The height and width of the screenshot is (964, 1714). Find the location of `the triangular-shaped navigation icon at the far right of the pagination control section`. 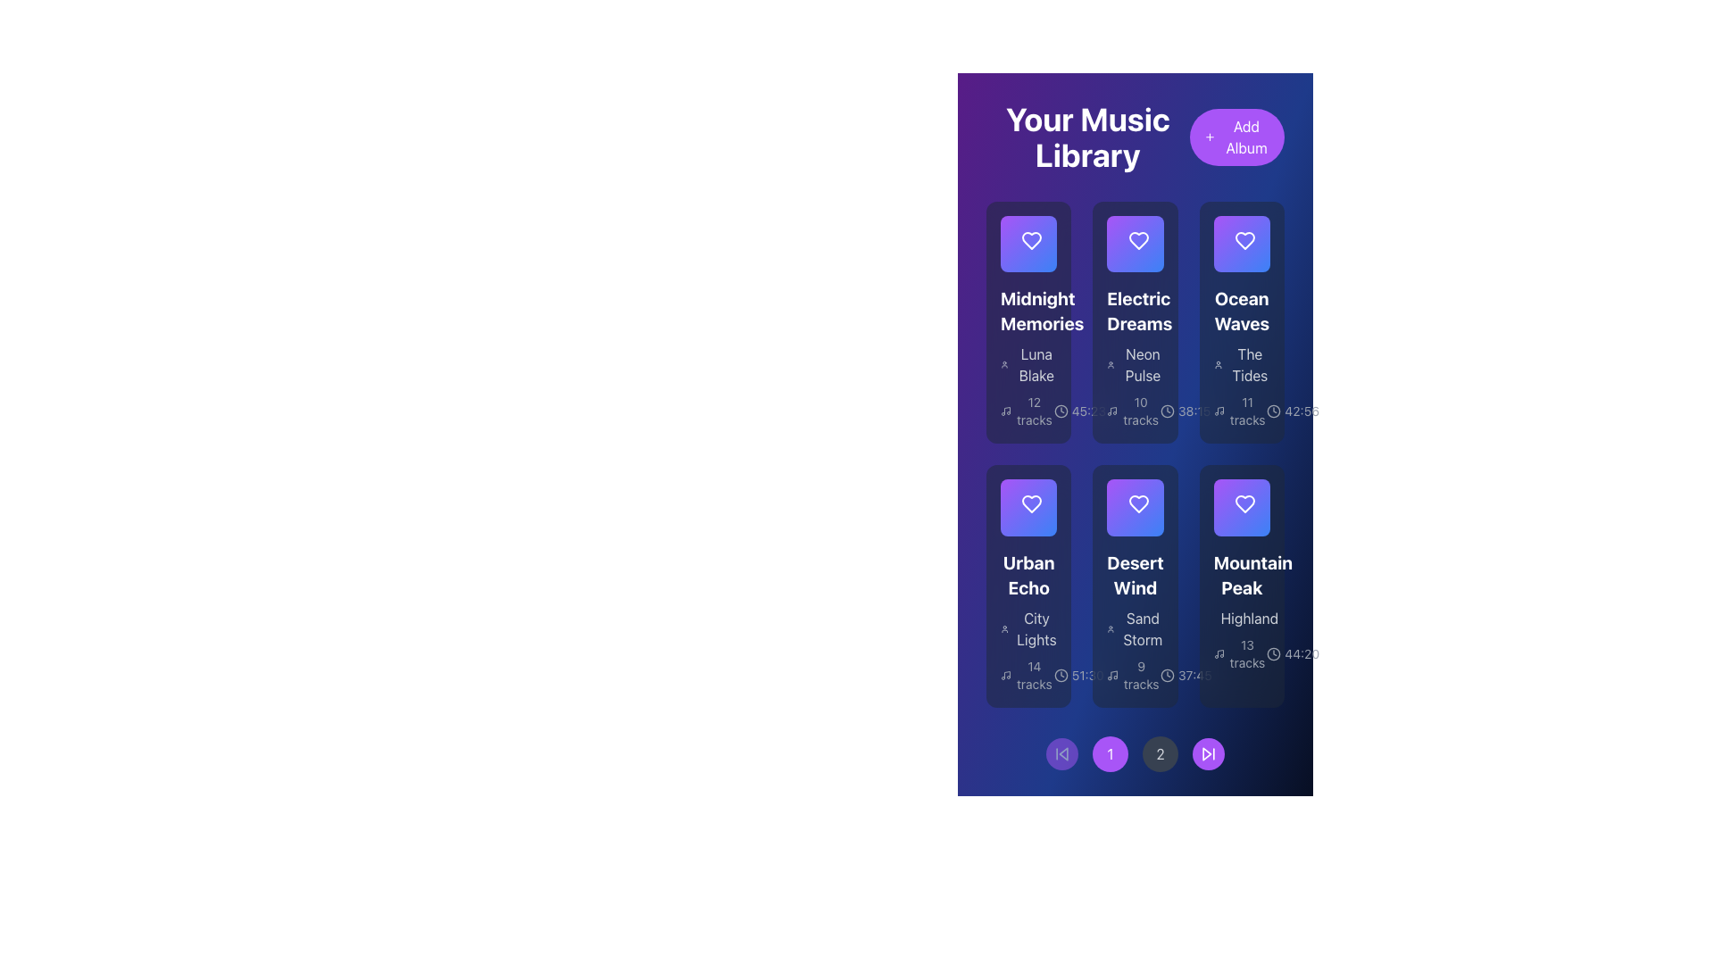

the triangular-shaped navigation icon at the far right of the pagination control section is located at coordinates (1207, 753).